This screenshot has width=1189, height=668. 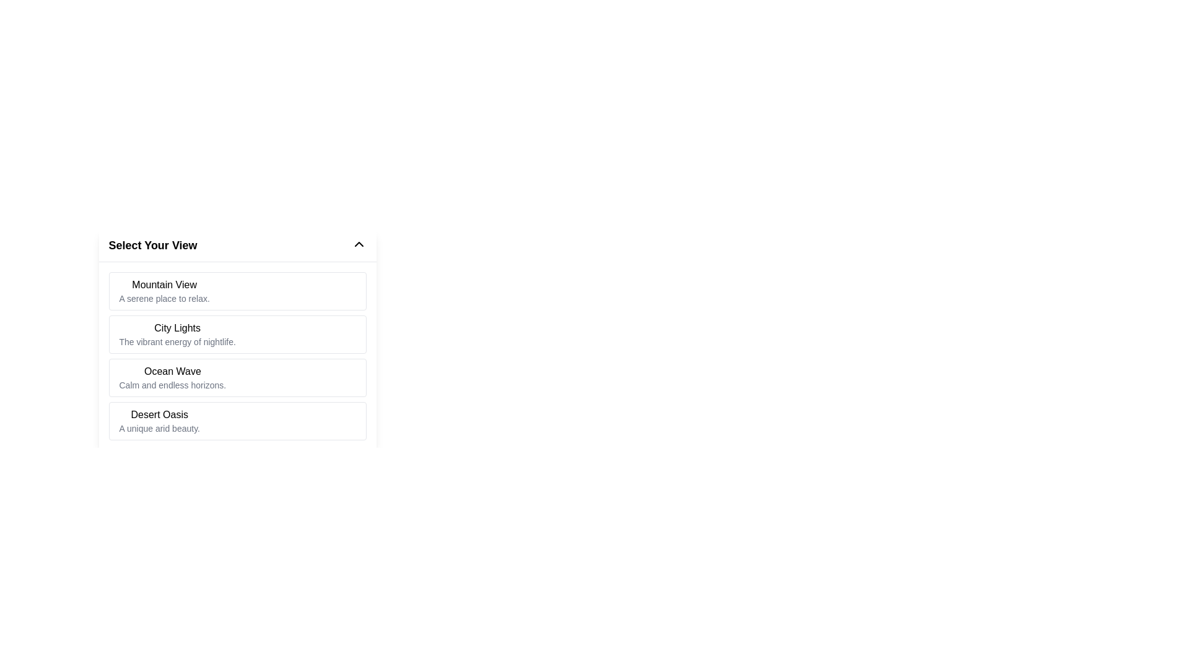 What do you see at coordinates (176, 341) in the screenshot?
I see `the text element displaying 'The vibrant energy of nightlife.' which is styled with a small font size and gray color, positioned below the title 'City Lights' in the selection menu` at bounding box center [176, 341].